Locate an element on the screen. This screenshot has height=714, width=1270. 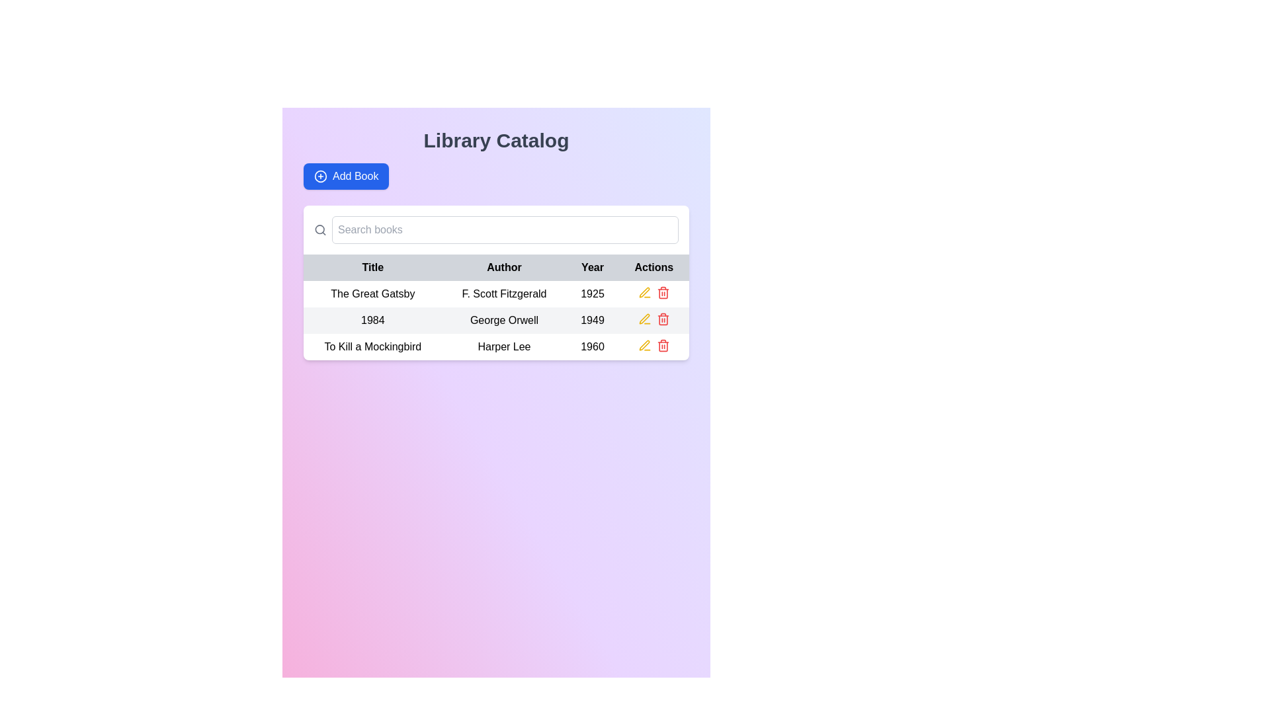
text from the Table Header Cell labeled 'Title', which is the first cell in the header row of the table is located at coordinates (372, 268).